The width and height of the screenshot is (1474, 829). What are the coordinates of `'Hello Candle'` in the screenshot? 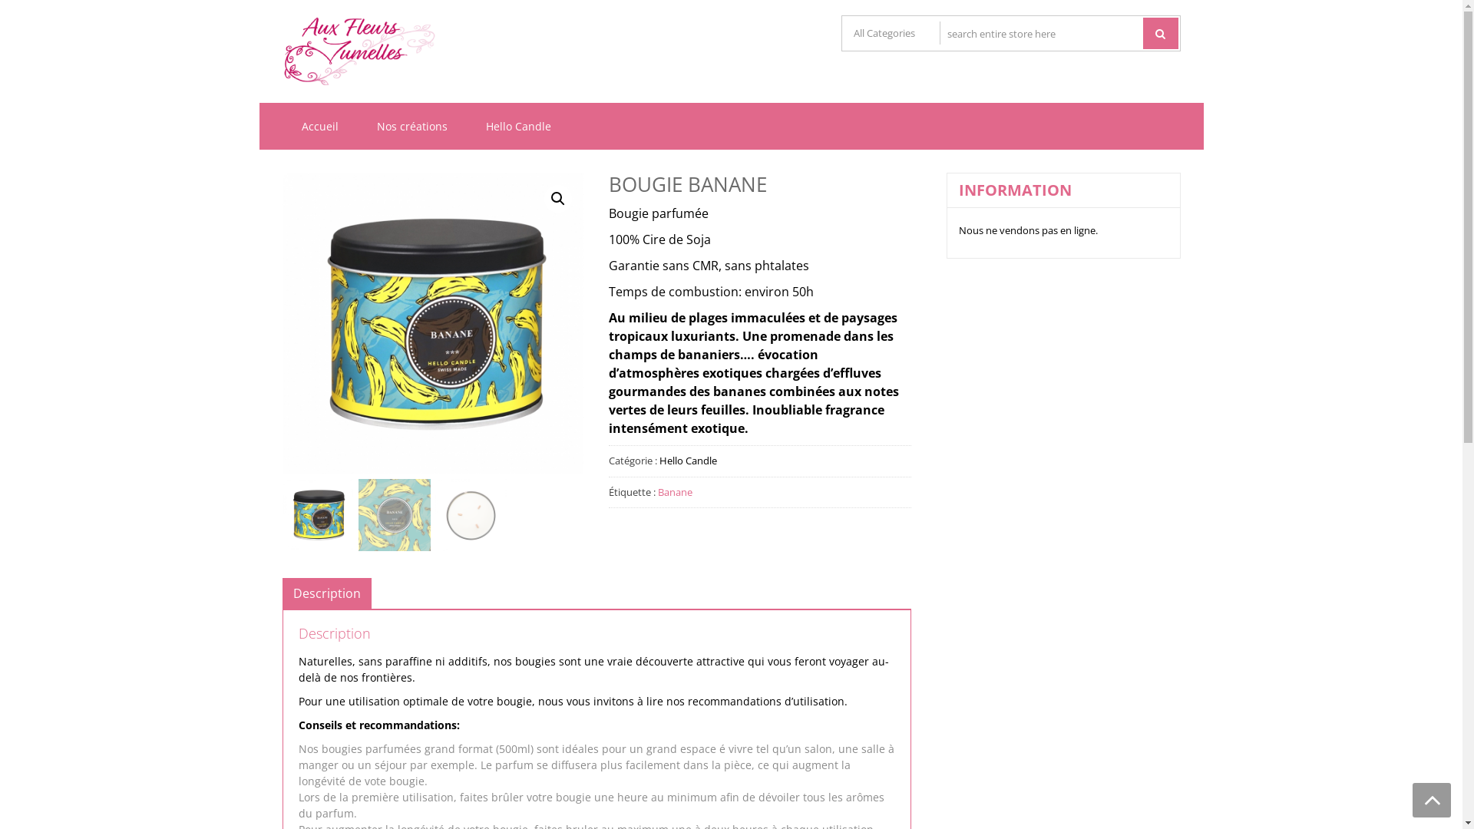 It's located at (466, 125).